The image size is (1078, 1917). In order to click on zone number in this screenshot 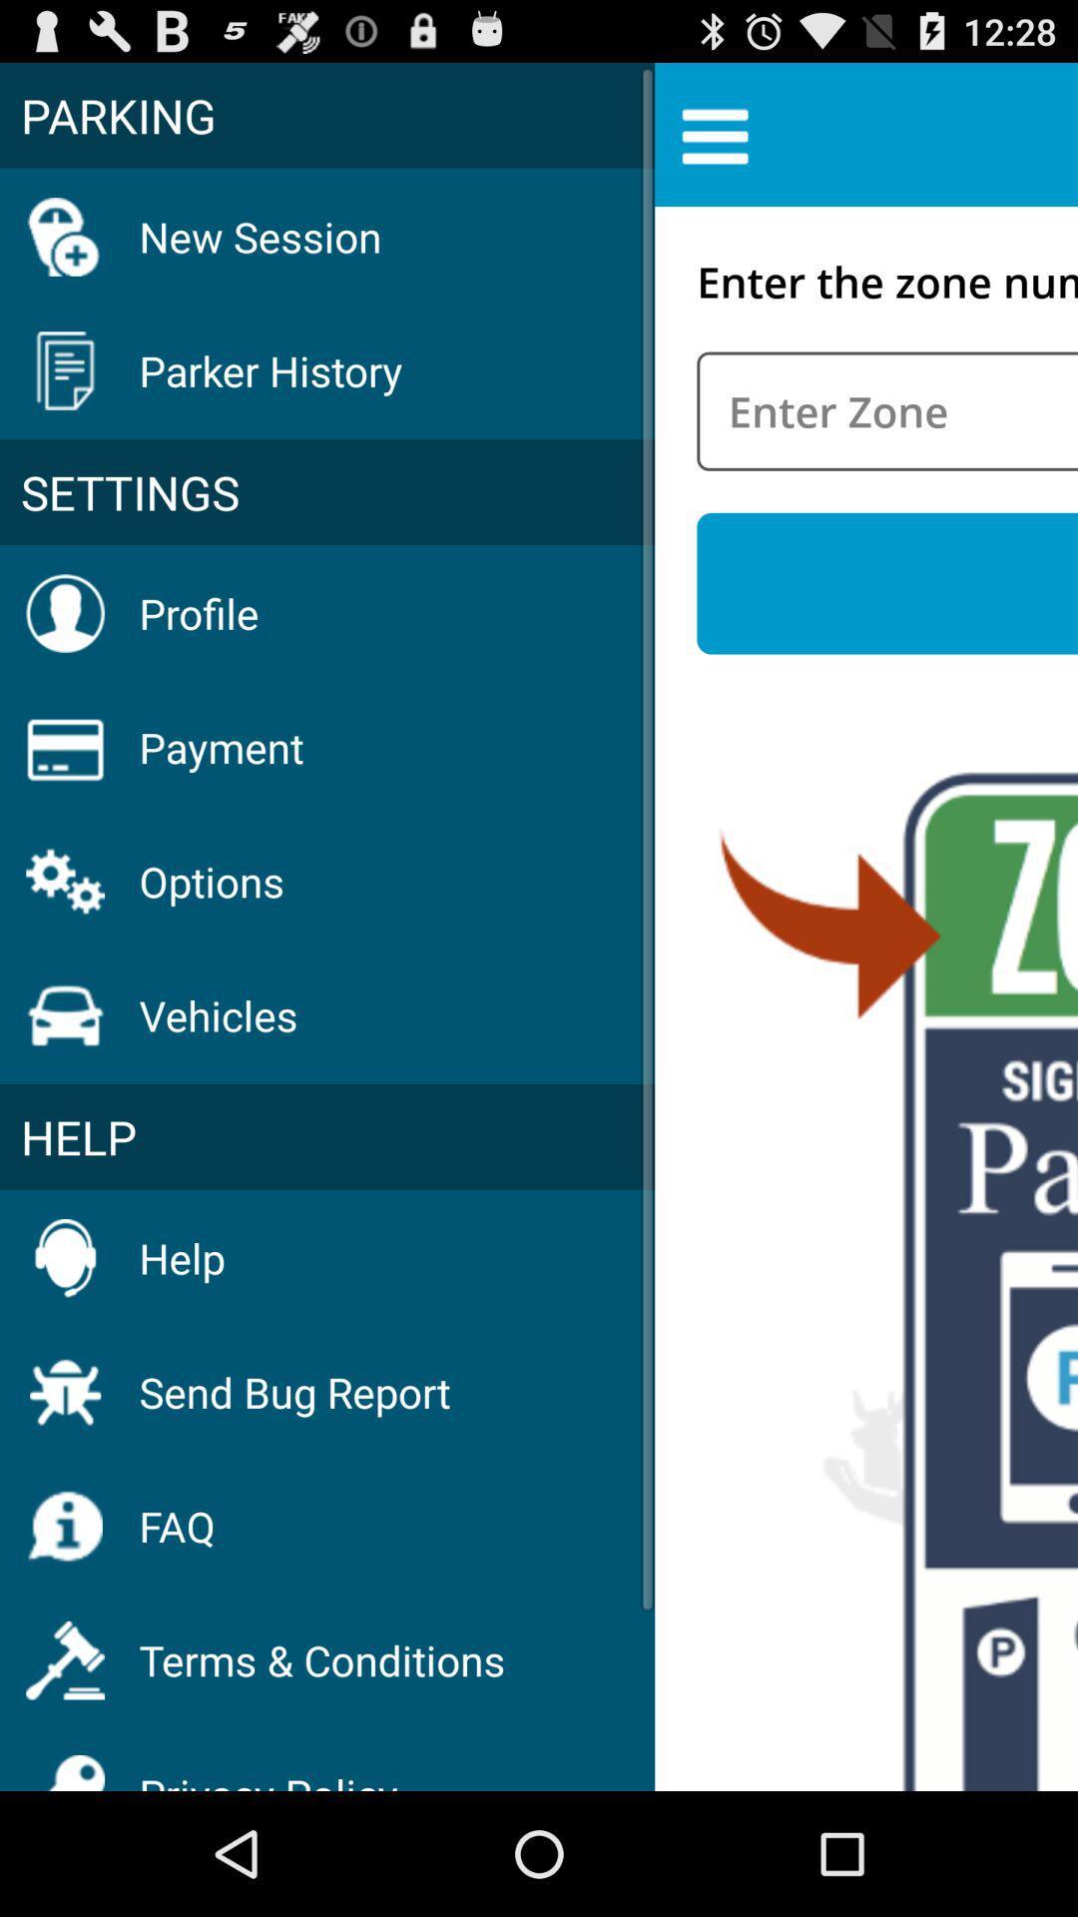, I will do `click(886, 410)`.